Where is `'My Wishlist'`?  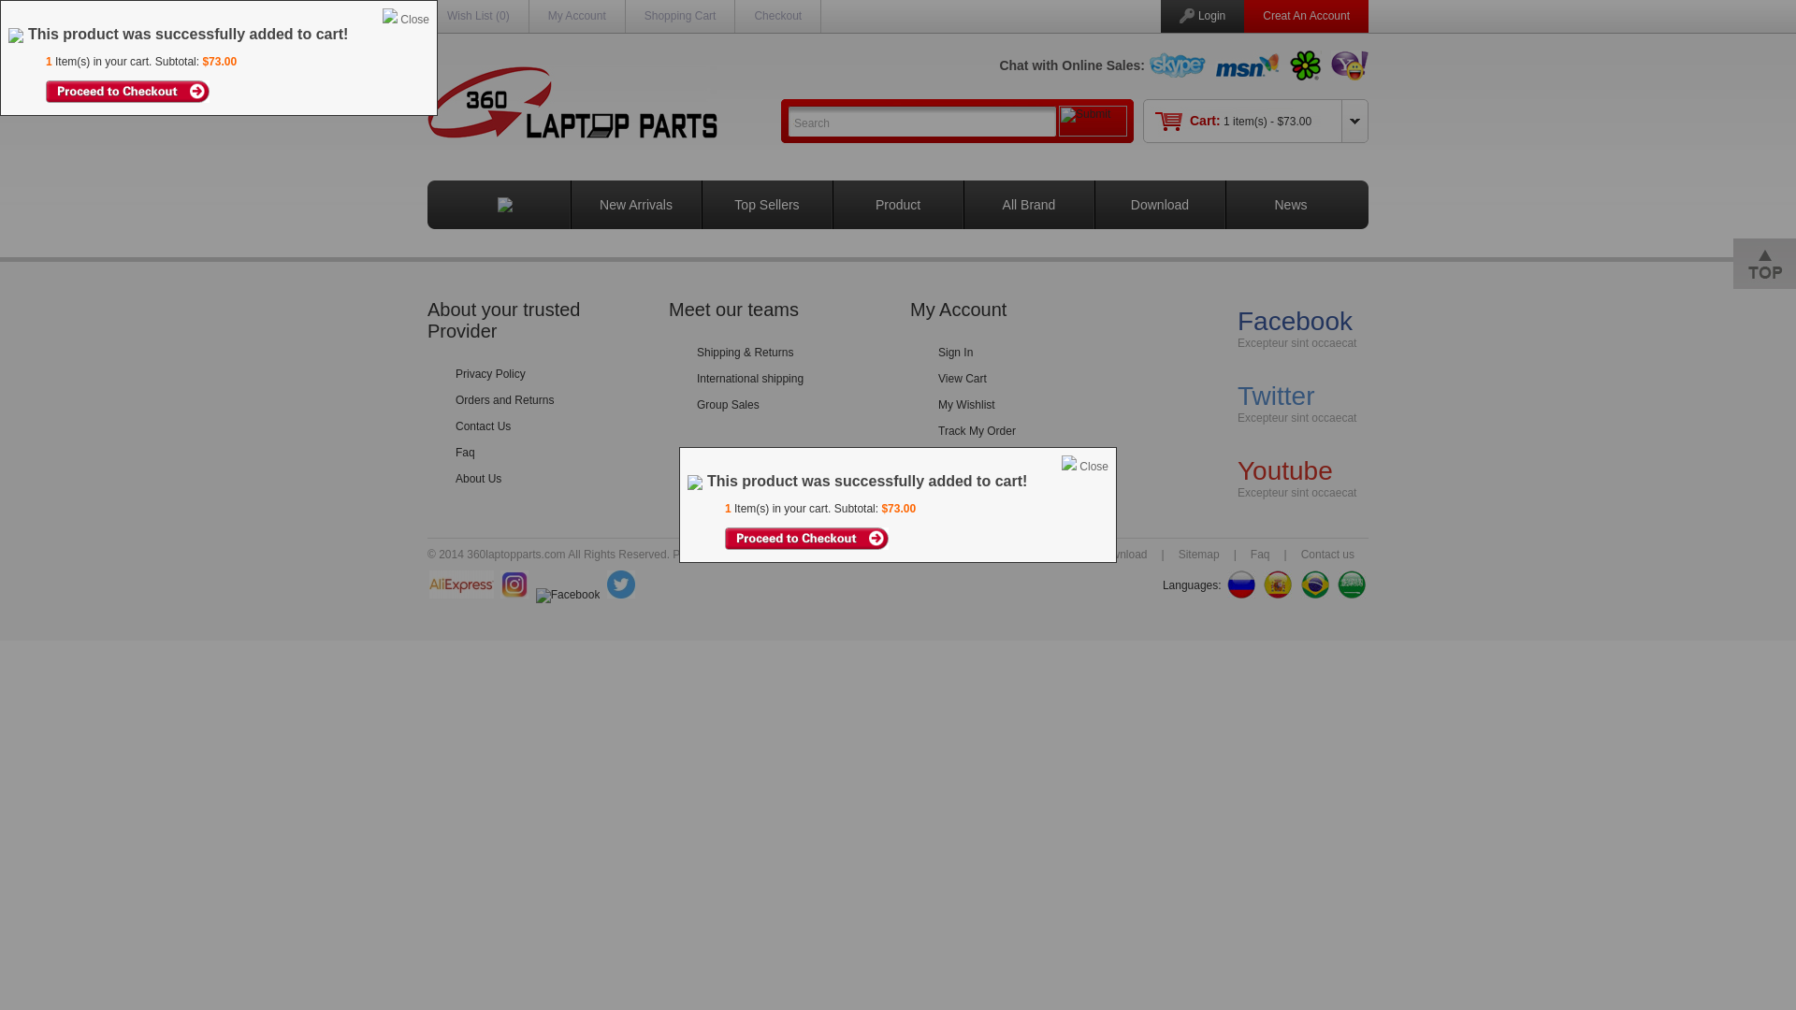
'My Wishlist' is located at coordinates (966, 403).